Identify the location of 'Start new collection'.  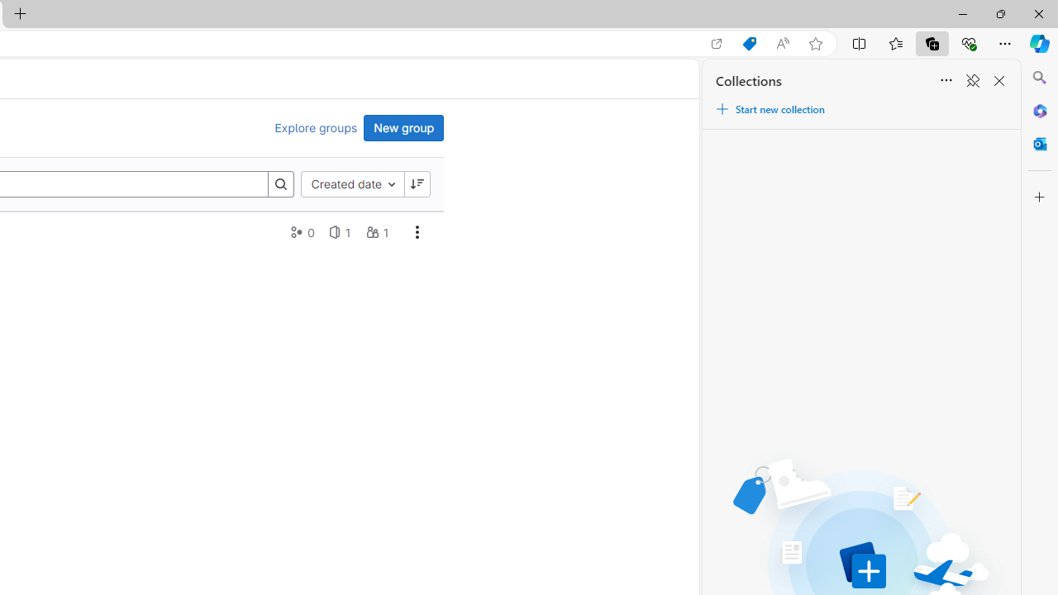
(769, 109).